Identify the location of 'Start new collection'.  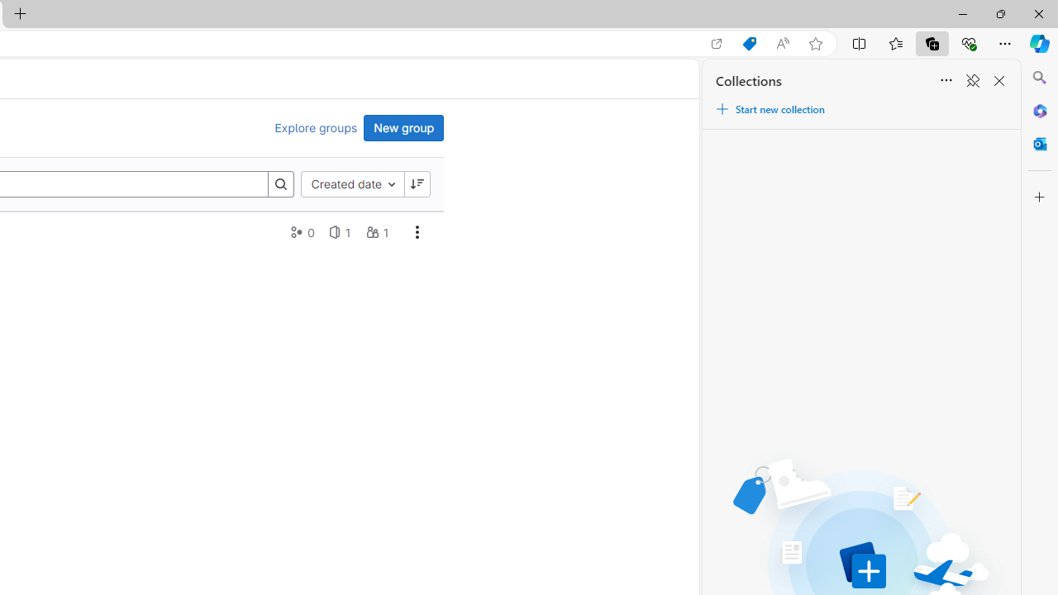
(769, 109).